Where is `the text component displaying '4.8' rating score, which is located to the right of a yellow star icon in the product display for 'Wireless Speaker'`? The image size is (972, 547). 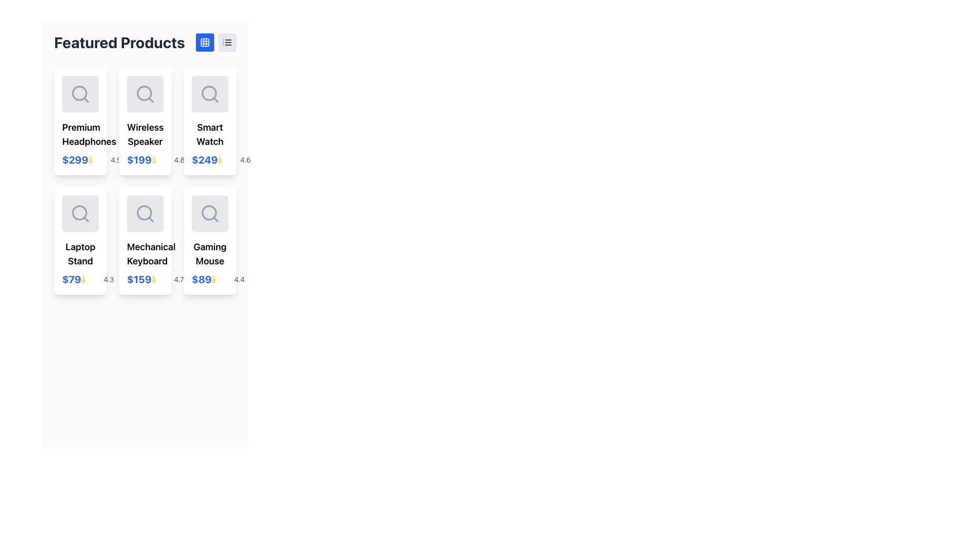 the text component displaying '4.8' rating score, which is located to the right of a yellow star icon in the product display for 'Wireless Speaker' is located at coordinates (179, 160).